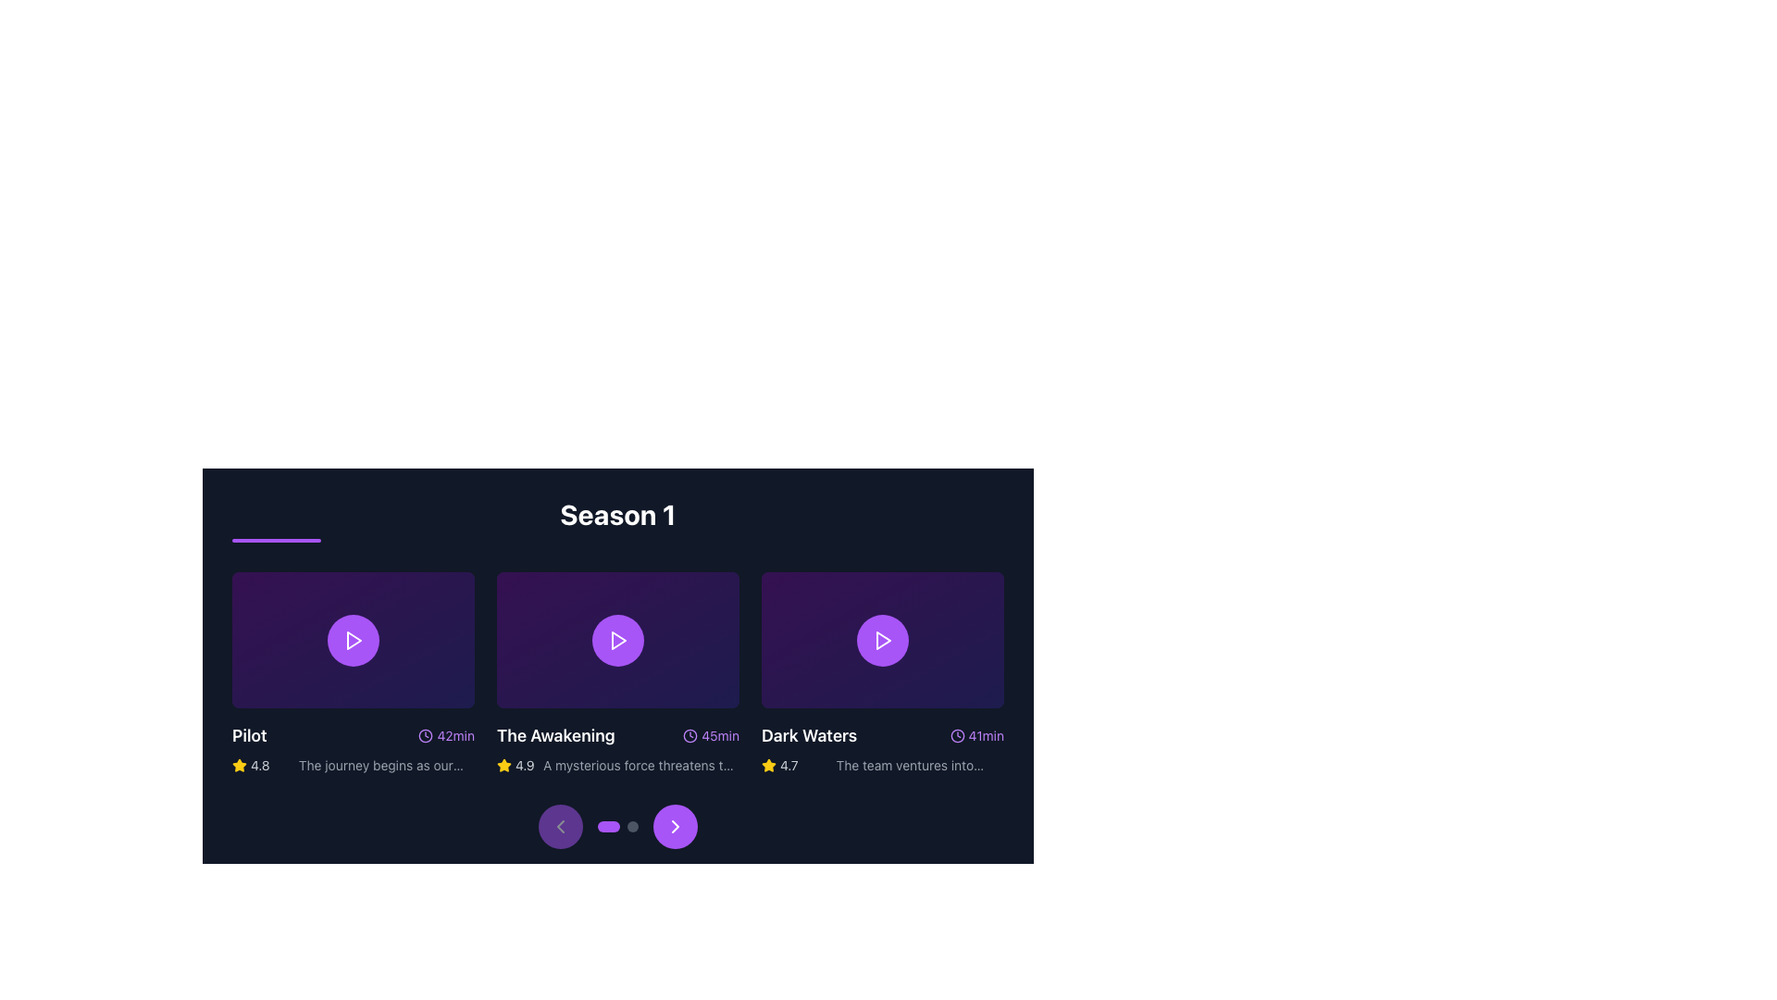  I want to click on the SVG icon representing the play button in the third content card, so click(883, 639).